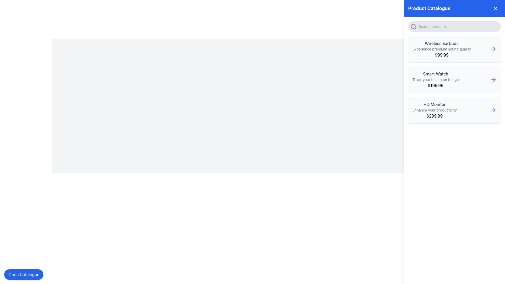 This screenshot has width=505, height=284. What do you see at coordinates (493, 49) in the screenshot?
I see `the blue-colored right-pointing arrow icon button located at the far right of the 'Wireless Earbuds' product card in the 'Product Catalogue' sidebar` at bounding box center [493, 49].